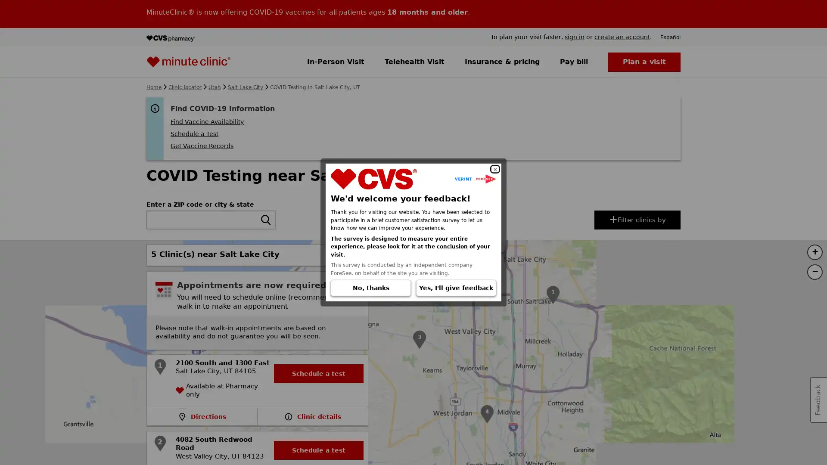 This screenshot has width=827, height=465. I want to click on Filter or sort clinics by, so click(637, 219).